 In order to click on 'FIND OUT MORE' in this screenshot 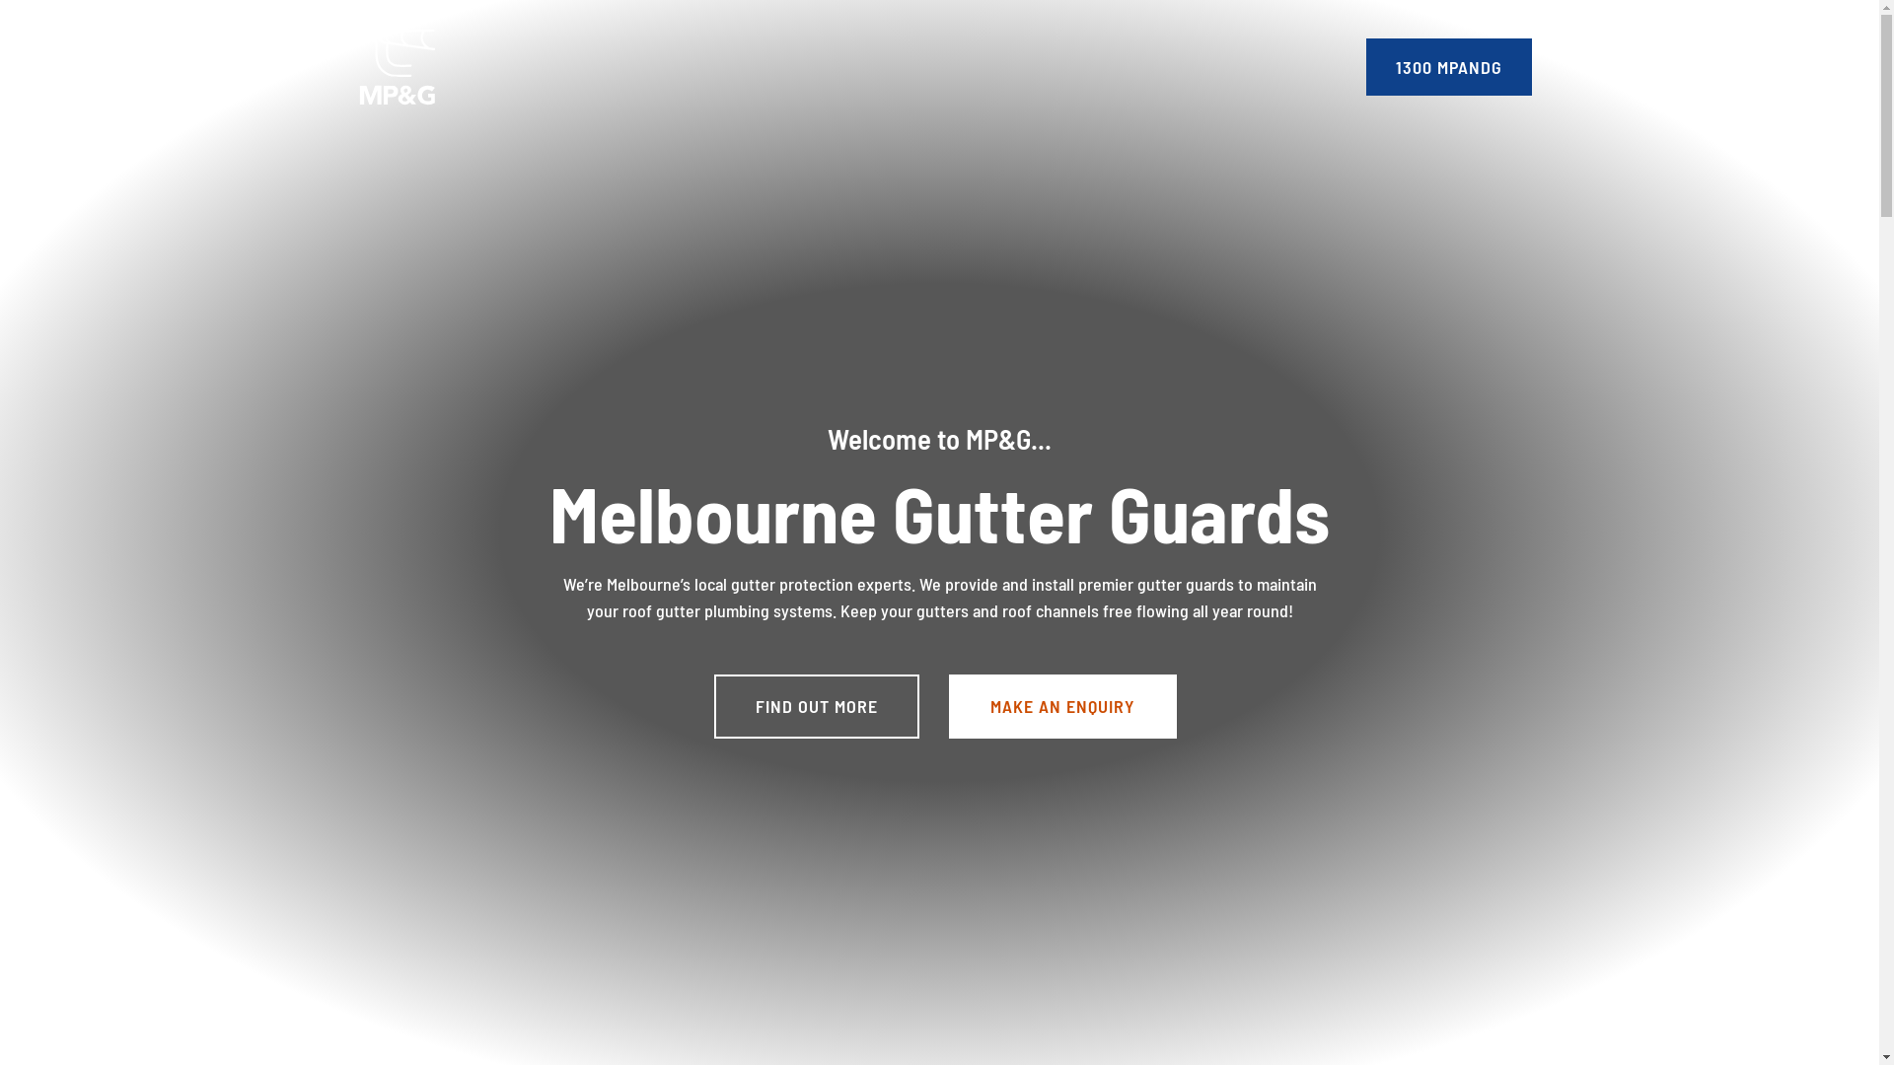, I will do `click(817, 705)`.